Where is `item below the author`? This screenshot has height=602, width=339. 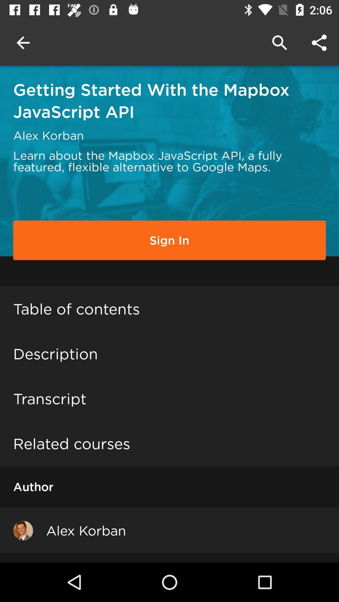 item below the author is located at coordinates (23, 530).